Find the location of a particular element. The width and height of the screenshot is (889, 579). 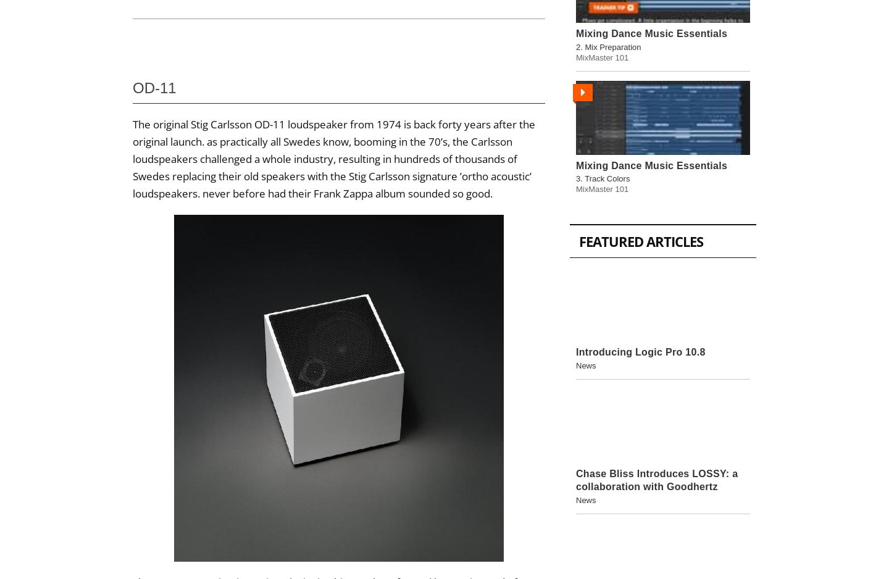

'2. Mix Preparation' is located at coordinates (607, 46).